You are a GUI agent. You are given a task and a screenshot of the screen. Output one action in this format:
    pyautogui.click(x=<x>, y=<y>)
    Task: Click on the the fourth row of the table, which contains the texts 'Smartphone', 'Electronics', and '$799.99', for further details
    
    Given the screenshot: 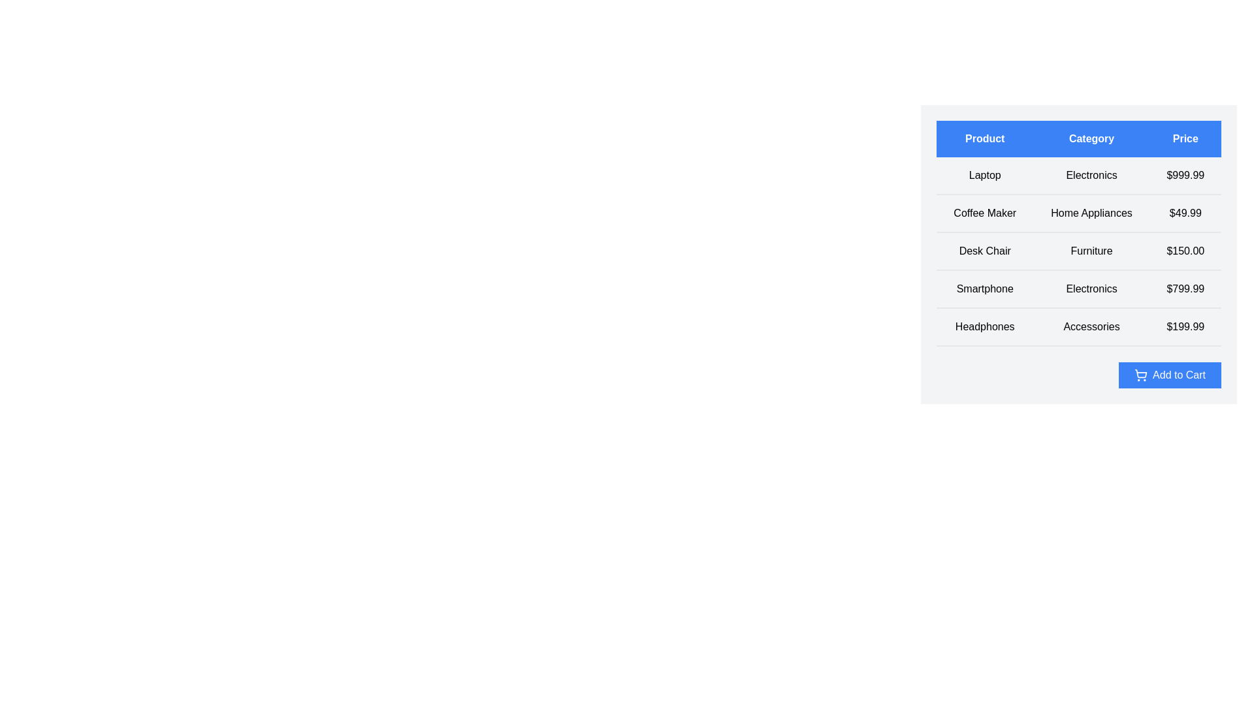 What is the action you would take?
    pyautogui.click(x=1078, y=289)
    